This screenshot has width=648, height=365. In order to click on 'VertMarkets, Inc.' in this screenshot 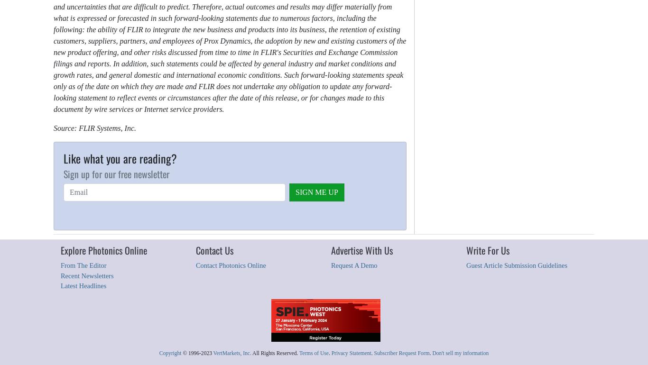, I will do `click(232, 352)`.